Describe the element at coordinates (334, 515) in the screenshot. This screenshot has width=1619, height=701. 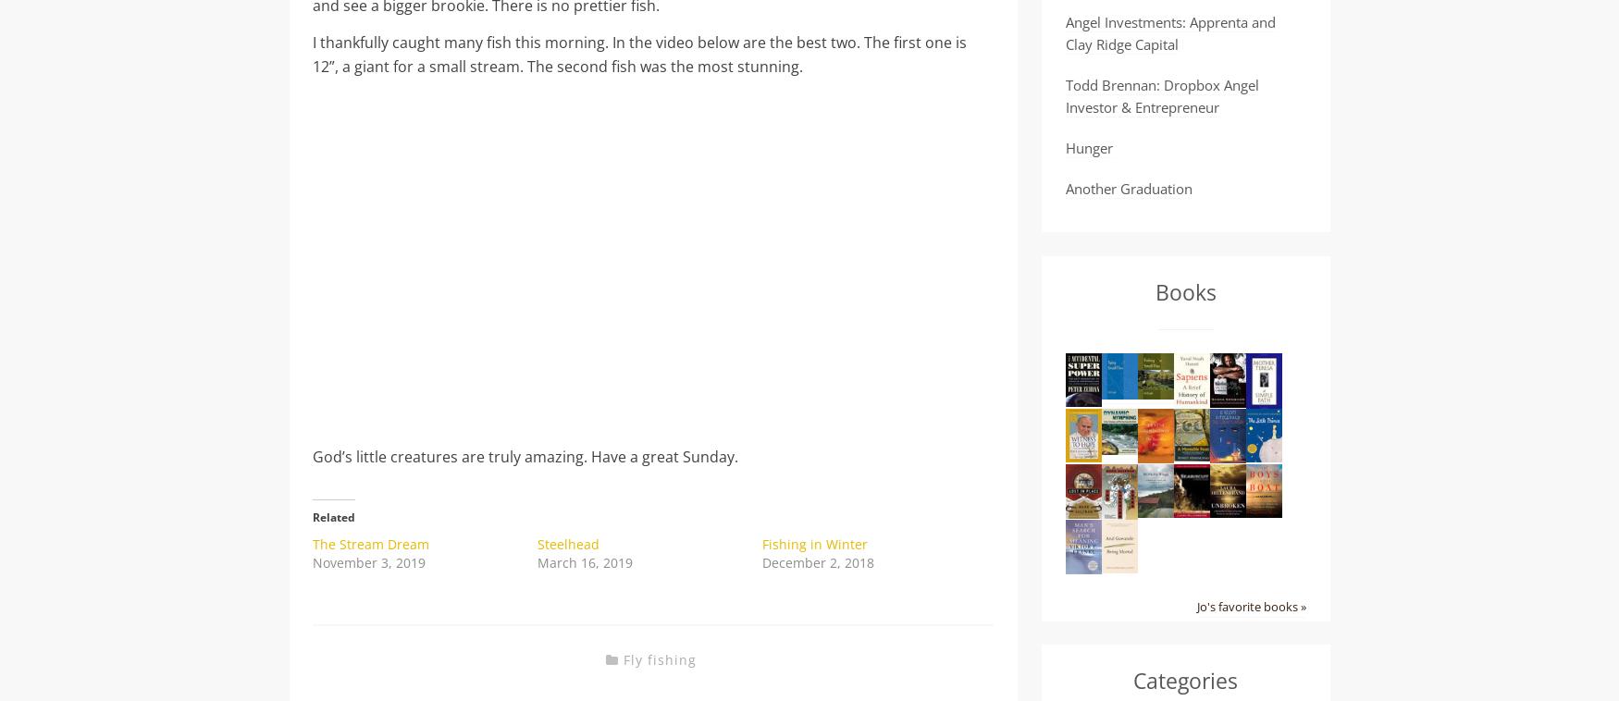
I see `'Related'` at that location.